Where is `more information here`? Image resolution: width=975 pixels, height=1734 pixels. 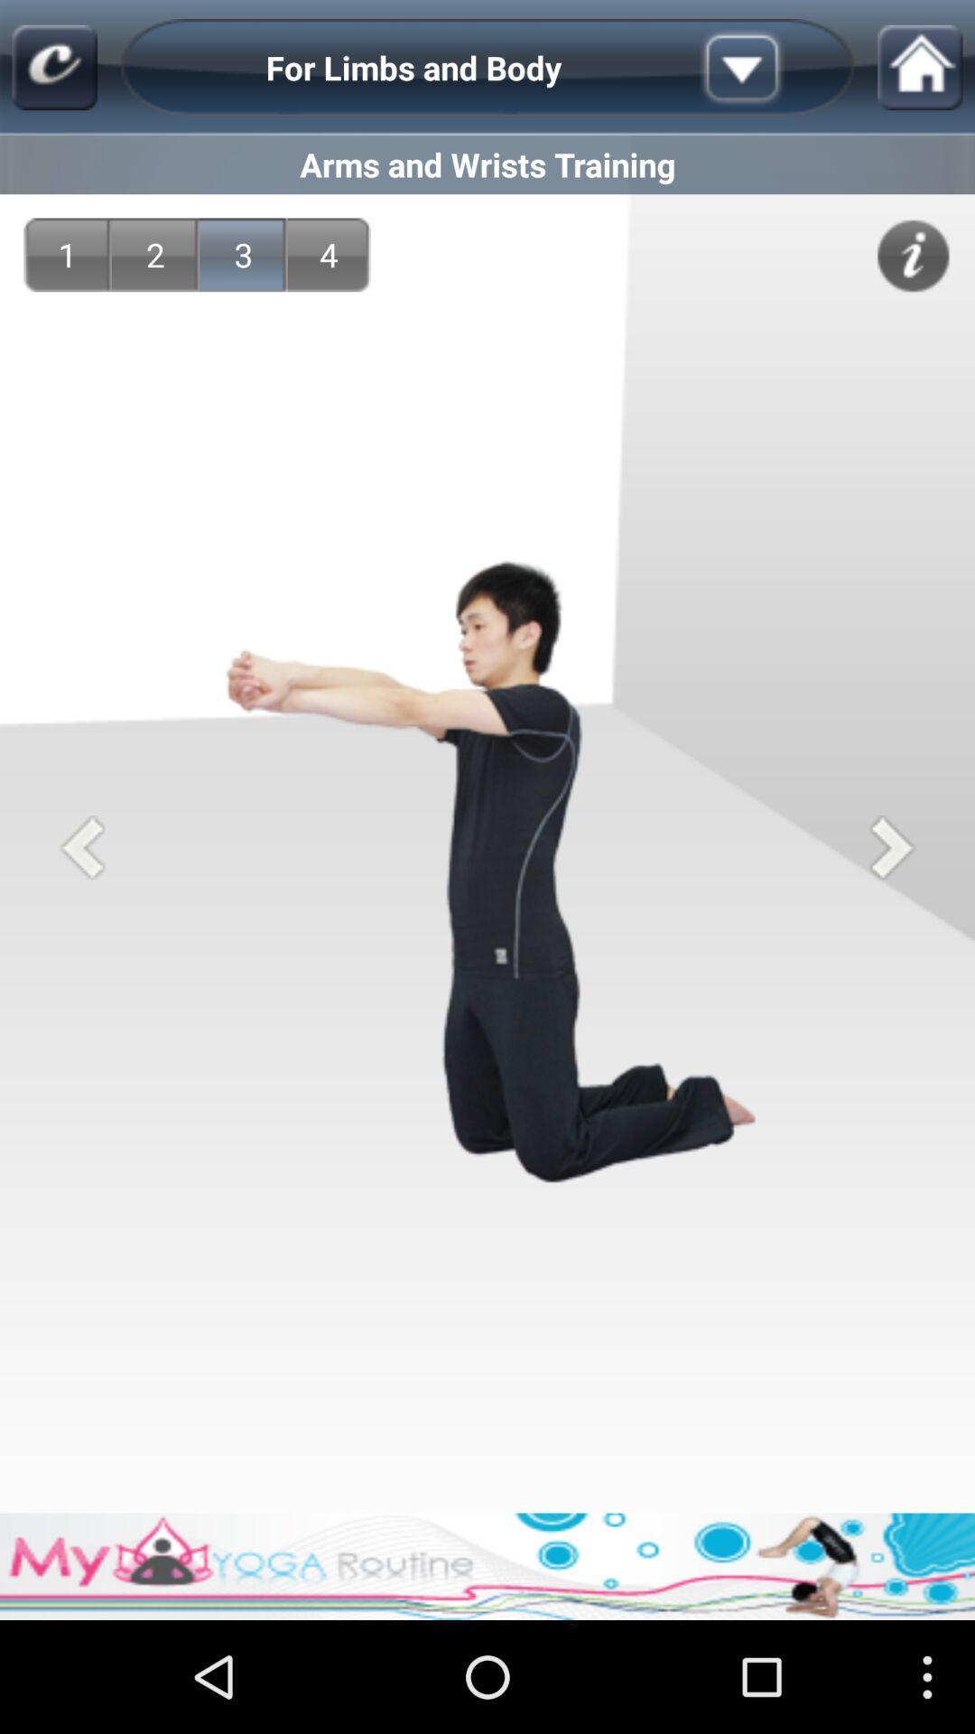
more information here is located at coordinates (913, 255).